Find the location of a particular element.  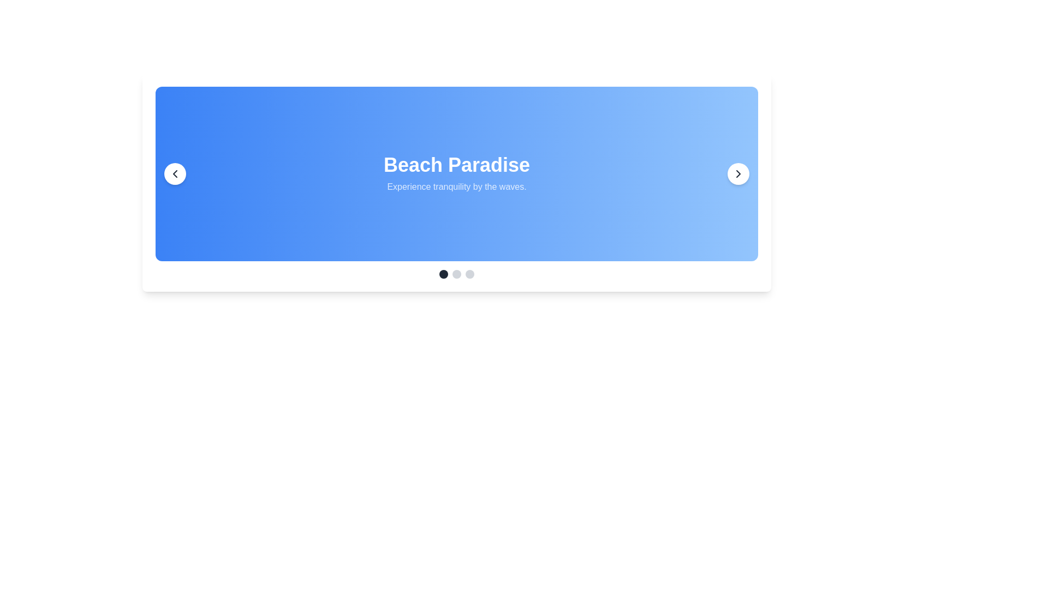

the circular button with a white background and right-facing chevron icon is located at coordinates (739, 173).